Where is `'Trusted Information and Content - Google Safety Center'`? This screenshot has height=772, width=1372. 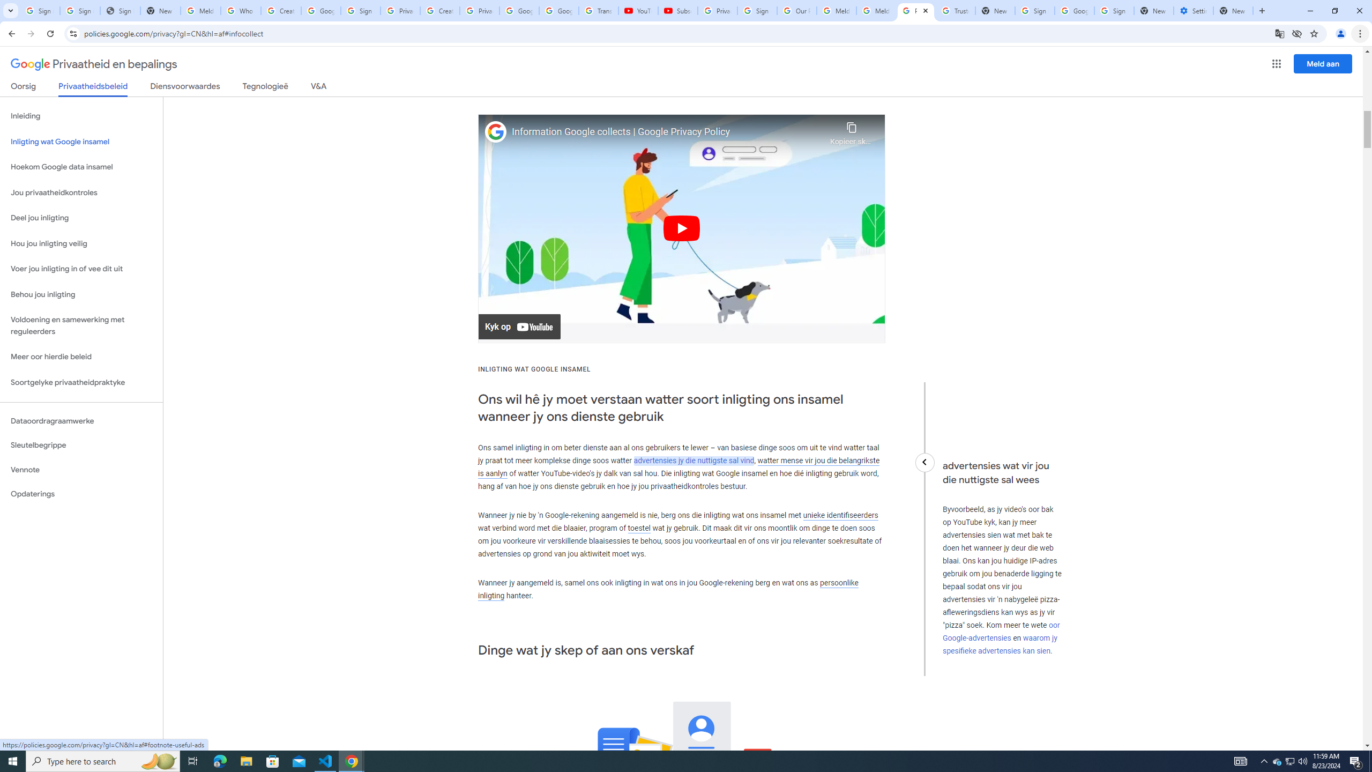 'Trusted Information and Content - Google Safety Center' is located at coordinates (955, 10).